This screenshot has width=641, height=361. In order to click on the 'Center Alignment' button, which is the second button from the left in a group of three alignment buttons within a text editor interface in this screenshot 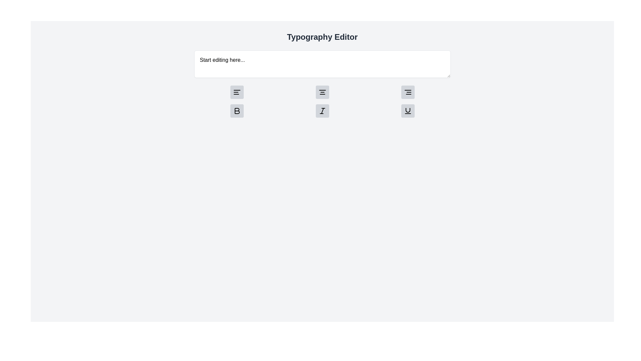, I will do `click(322, 92)`.